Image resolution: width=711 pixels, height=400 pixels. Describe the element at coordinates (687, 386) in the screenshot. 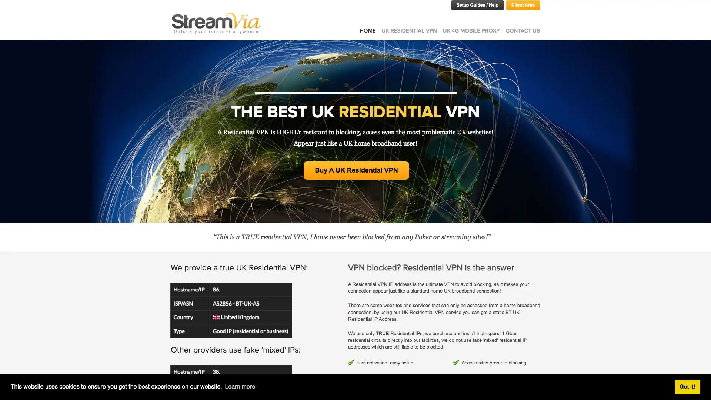

I see `dismiss cookie message` at that location.